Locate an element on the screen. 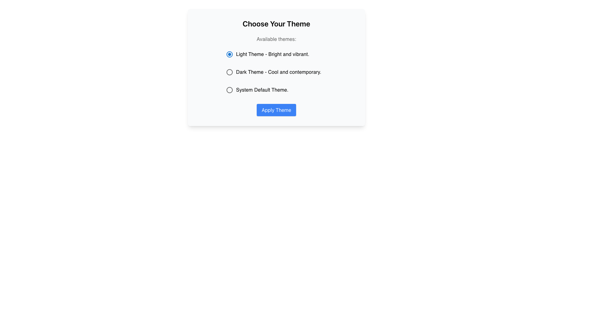 The width and height of the screenshot is (591, 332). the Selection Indicator that indicates the 'Light Theme - Bright and vibrant' option is currently selected, located at the center of the associated radio button is located at coordinates (229, 54).